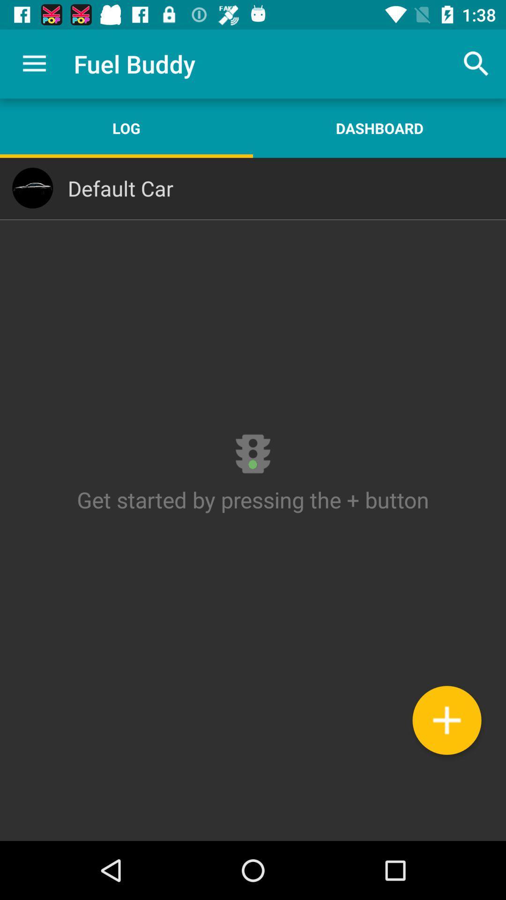 The image size is (506, 900). I want to click on initiate fuel buddy, so click(253, 499).